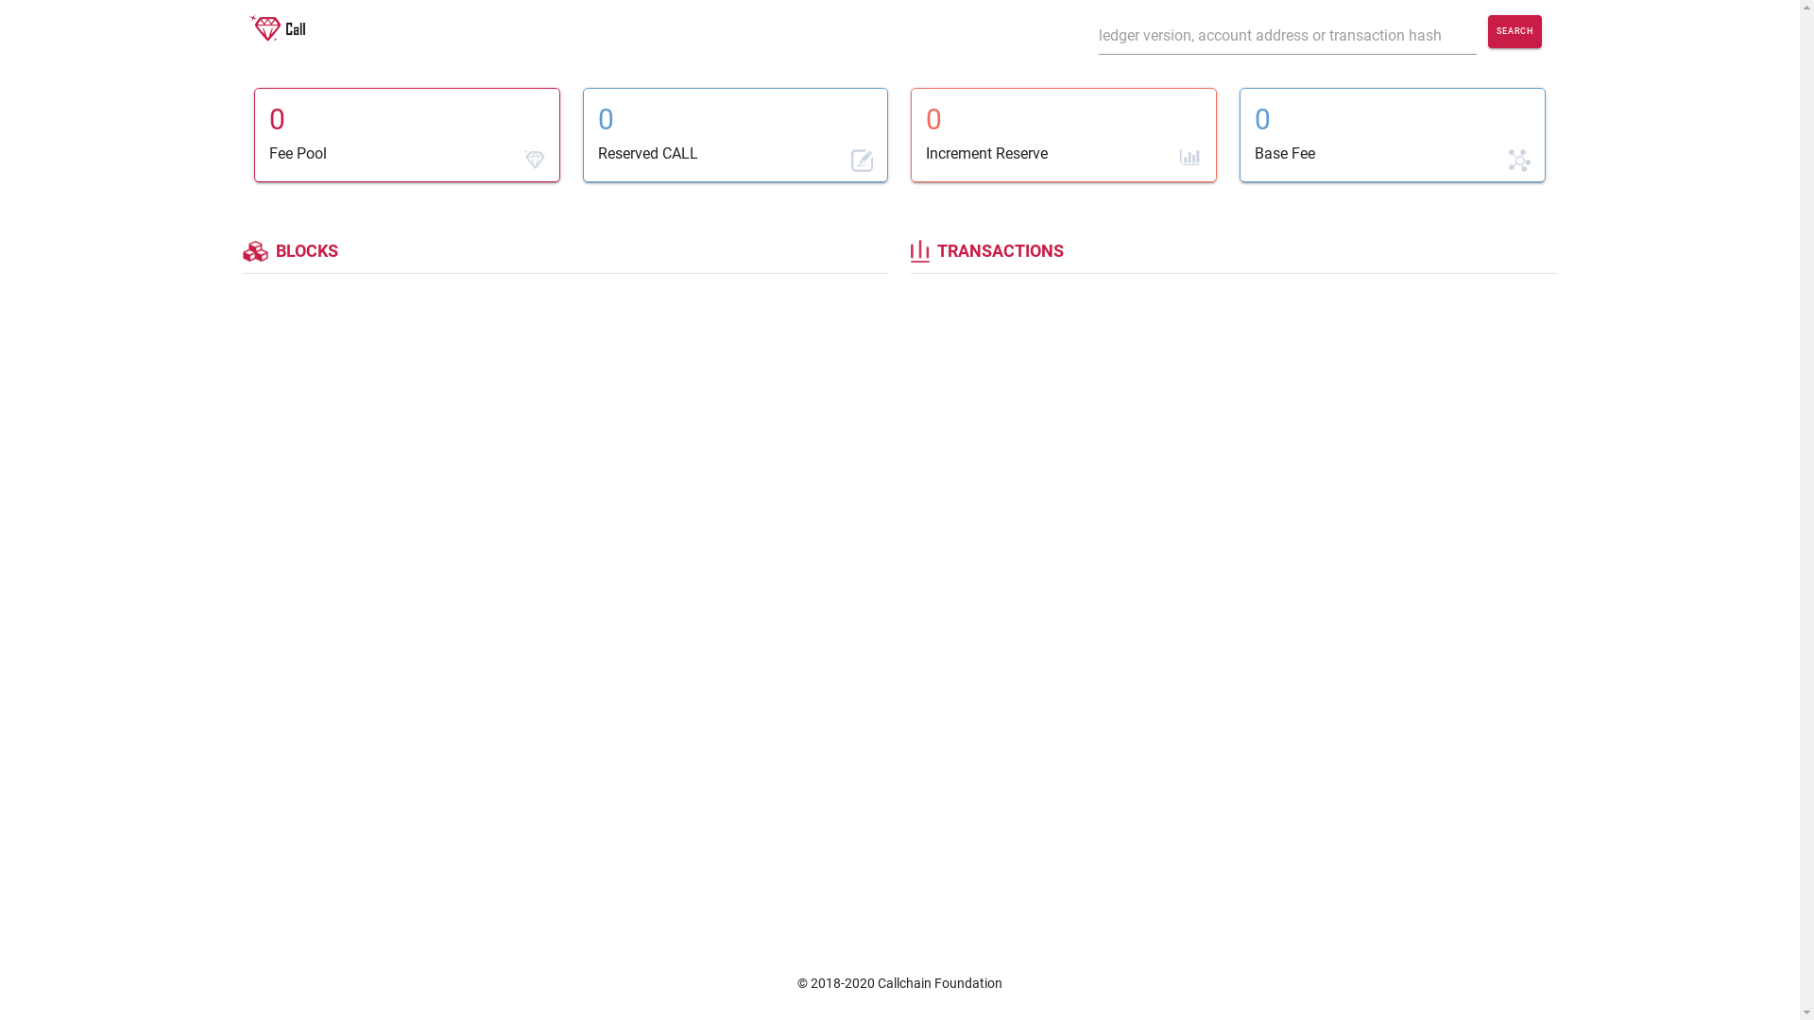 Image resolution: width=1814 pixels, height=1020 pixels. What do you see at coordinates (1486, 31) in the screenshot?
I see `'SEARCH'` at bounding box center [1486, 31].